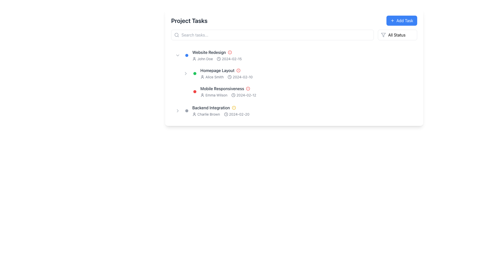 The width and height of the screenshot is (484, 272). I want to click on on the task headline 'Mobile Responsiveness' with an assignment indicator, which is the third task under the 'Website Redesign' category, so click(307, 91).